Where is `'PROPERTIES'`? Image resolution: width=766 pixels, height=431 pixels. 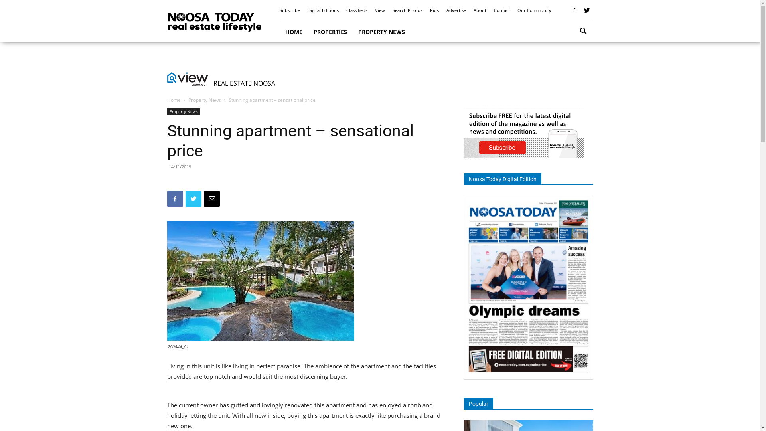
'PROPERTIES' is located at coordinates (308, 31).